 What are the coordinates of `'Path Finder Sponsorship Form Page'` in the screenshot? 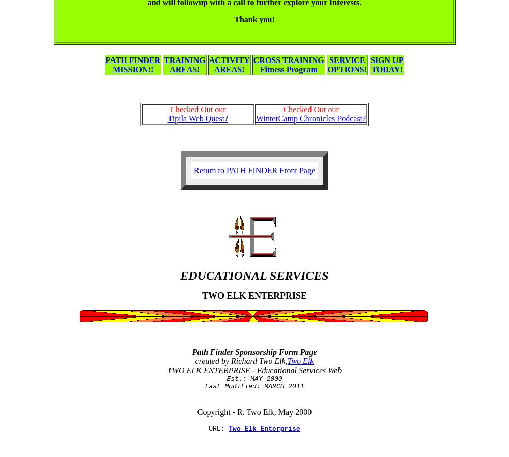 It's located at (253, 351).